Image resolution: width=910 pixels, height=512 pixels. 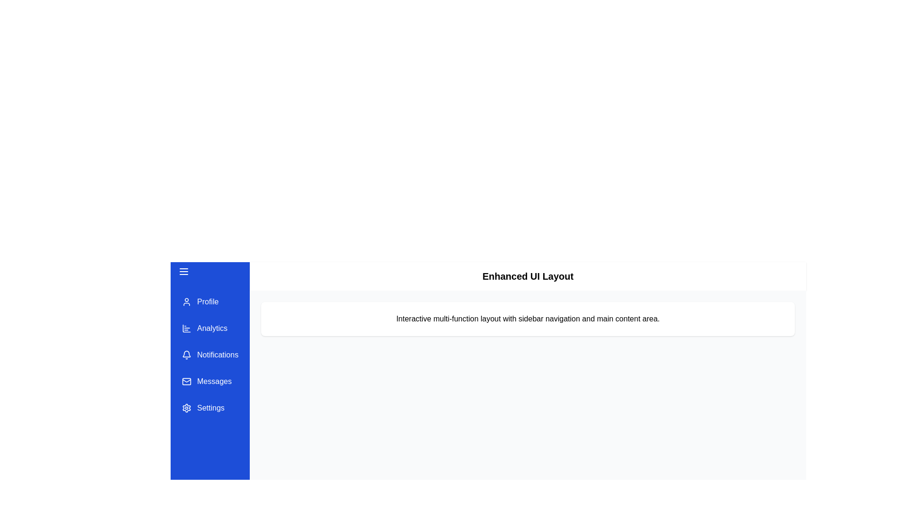 What do you see at coordinates (217, 355) in the screenshot?
I see `'Notifications' text label located in the vertical menu on the left side of the interface, which is displayed in white font on a blue background` at bounding box center [217, 355].